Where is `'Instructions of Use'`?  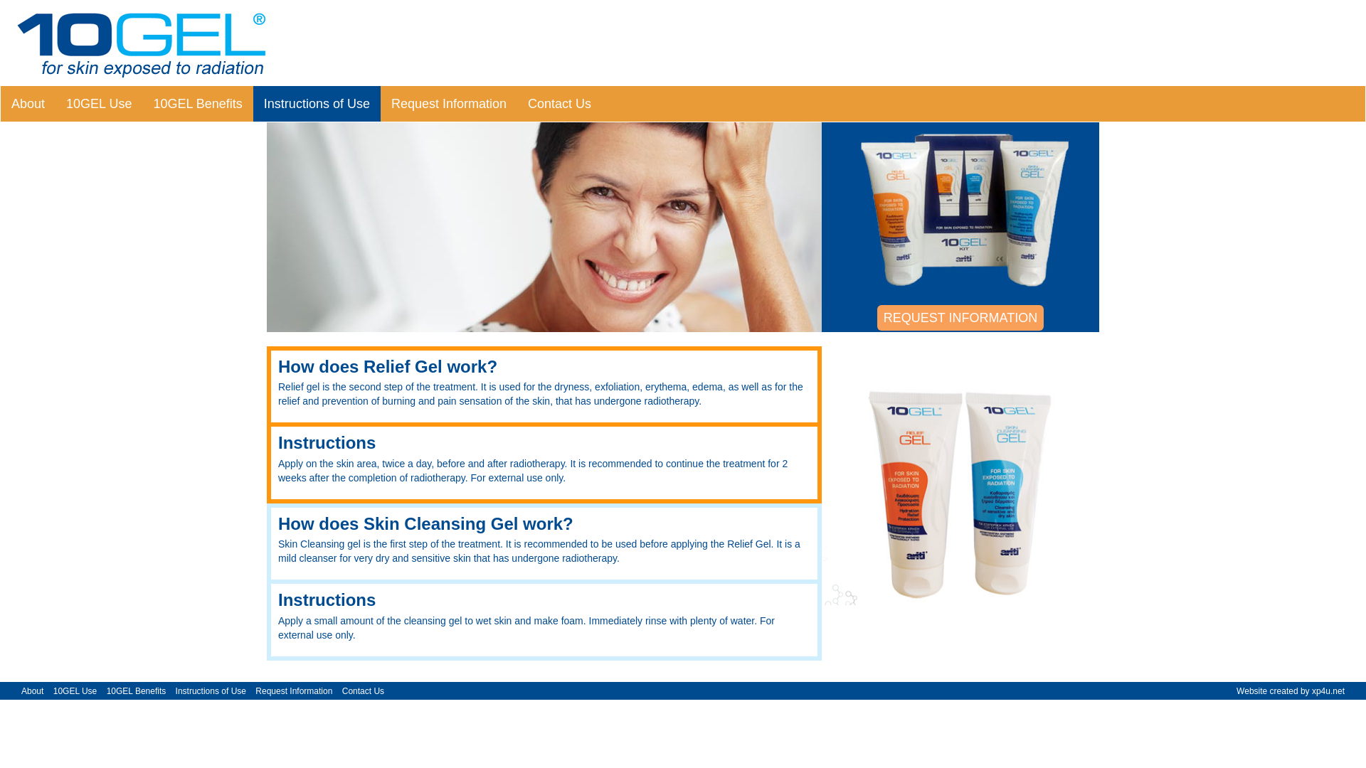 'Instructions of Use' is located at coordinates (210, 690).